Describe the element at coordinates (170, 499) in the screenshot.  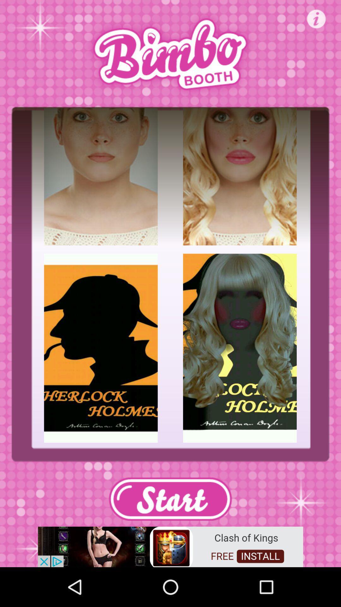
I see `start obstion` at that location.